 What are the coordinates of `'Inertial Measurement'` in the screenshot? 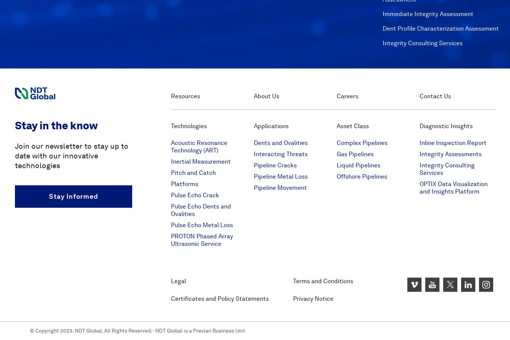 It's located at (201, 161).